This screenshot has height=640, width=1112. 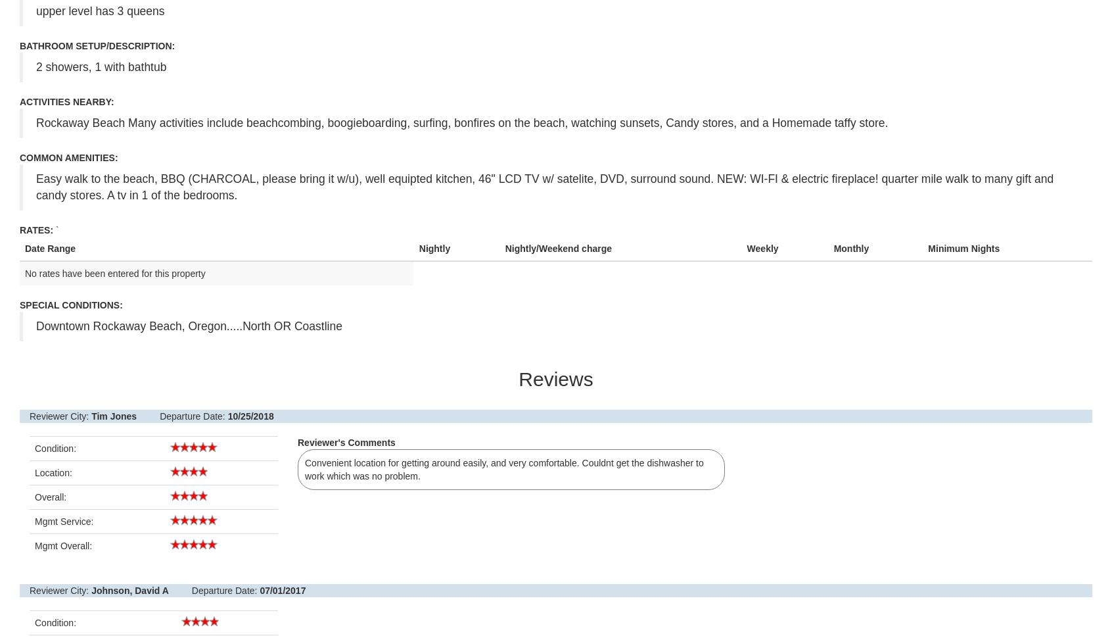 I want to click on 'Reviewer's Comments', so click(x=346, y=442).